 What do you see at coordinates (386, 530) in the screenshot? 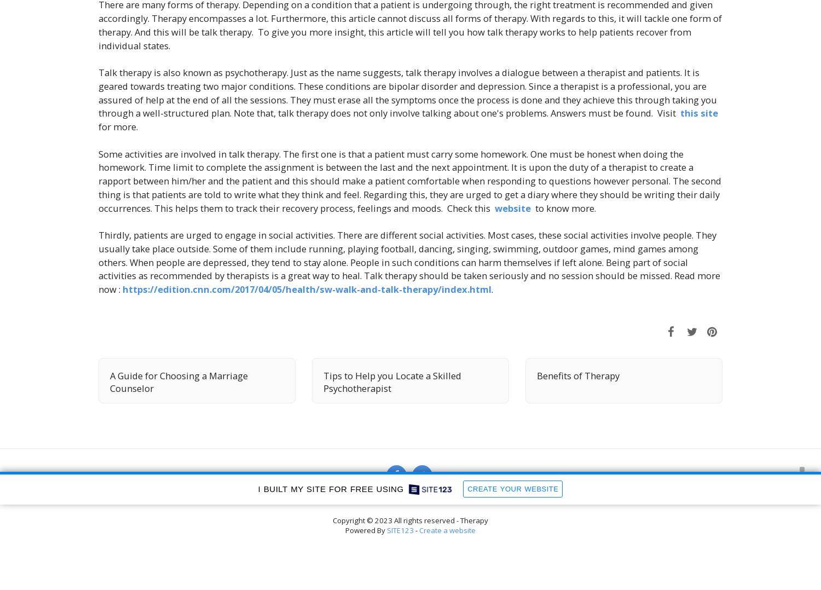
I see `'SITE123'` at bounding box center [386, 530].